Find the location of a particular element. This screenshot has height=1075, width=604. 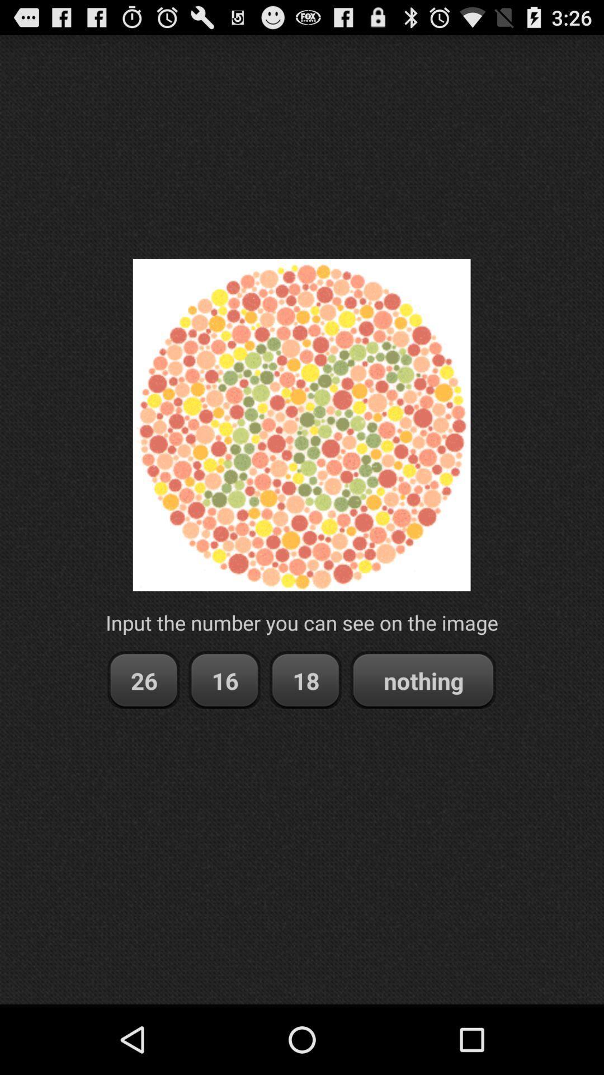

16 is located at coordinates (224, 680).